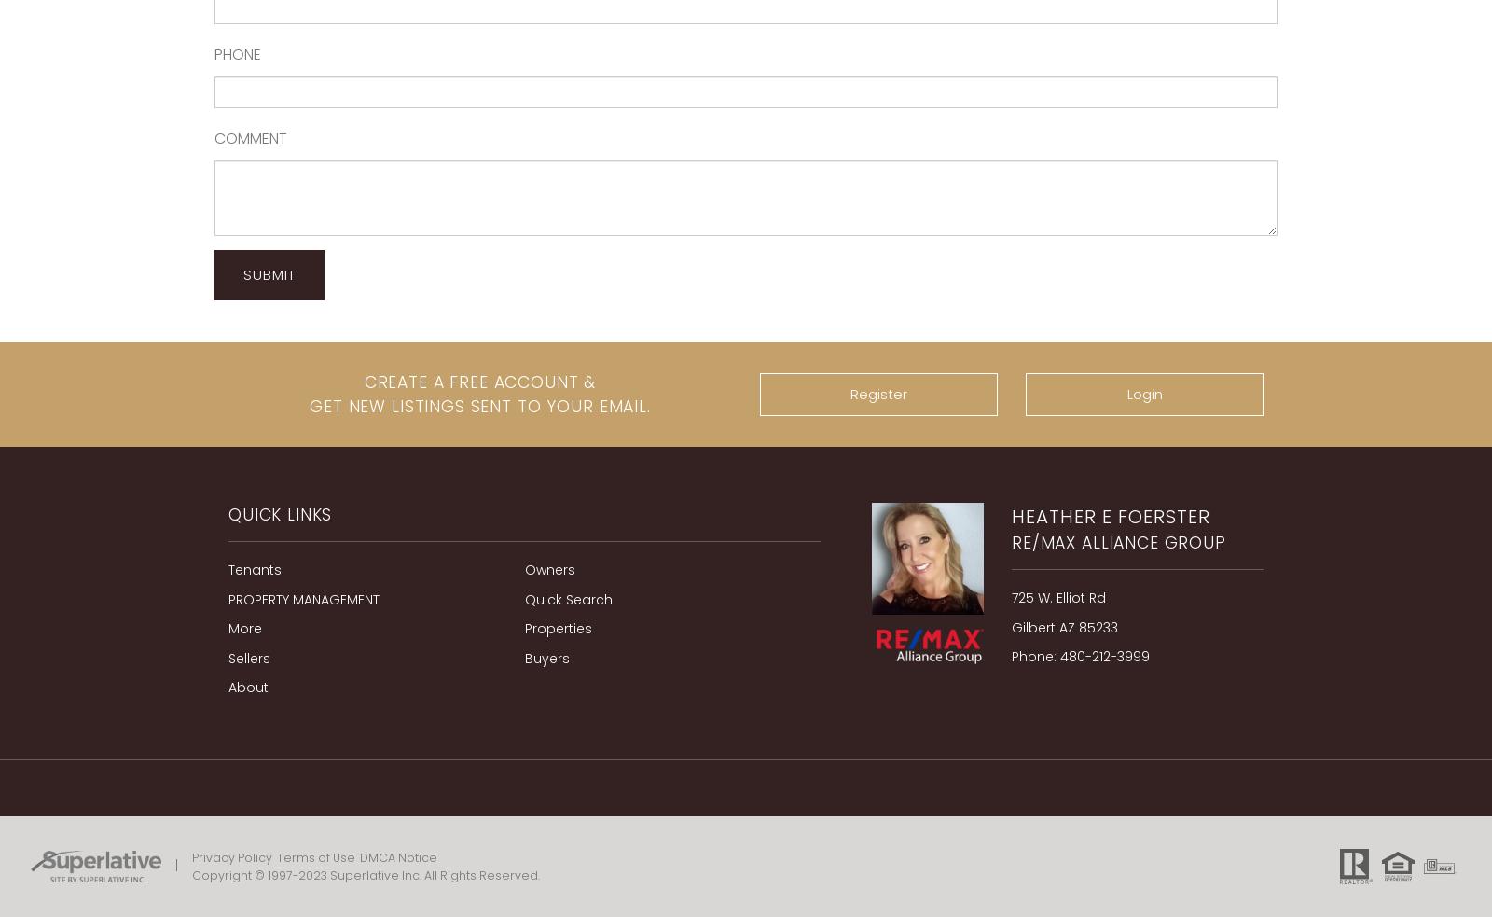 The image size is (1492, 917). What do you see at coordinates (238, 52) in the screenshot?
I see `'Phone'` at bounding box center [238, 52].